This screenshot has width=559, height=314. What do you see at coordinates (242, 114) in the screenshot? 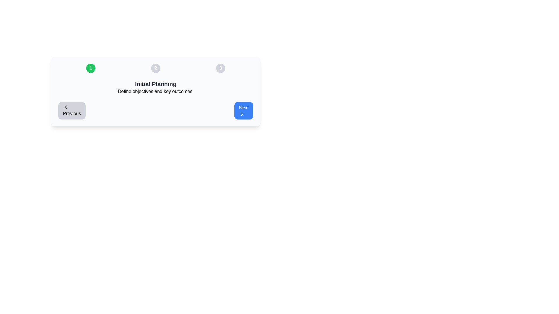
I see `the rightward chevron icon located inside the 'Next' button at the bottom-right corner of the main frame` at bounding box center [242, 114].